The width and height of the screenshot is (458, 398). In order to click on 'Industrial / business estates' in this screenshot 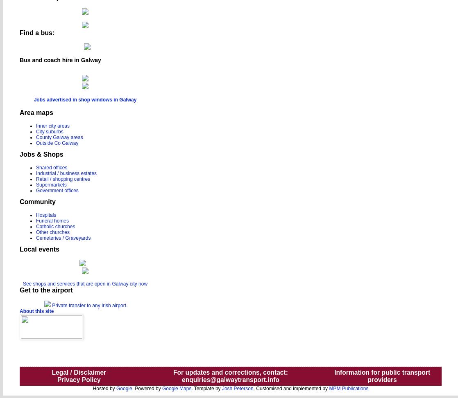, I will do `click(66, 173)`.